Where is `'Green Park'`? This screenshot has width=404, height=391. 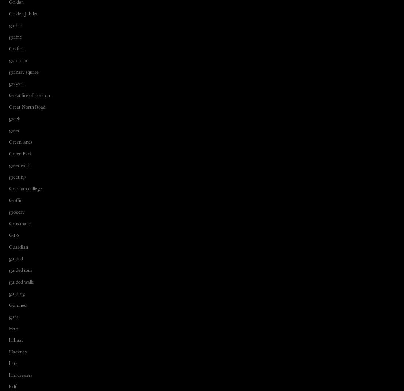 'Green Park' is located at coordinates (20, 153).